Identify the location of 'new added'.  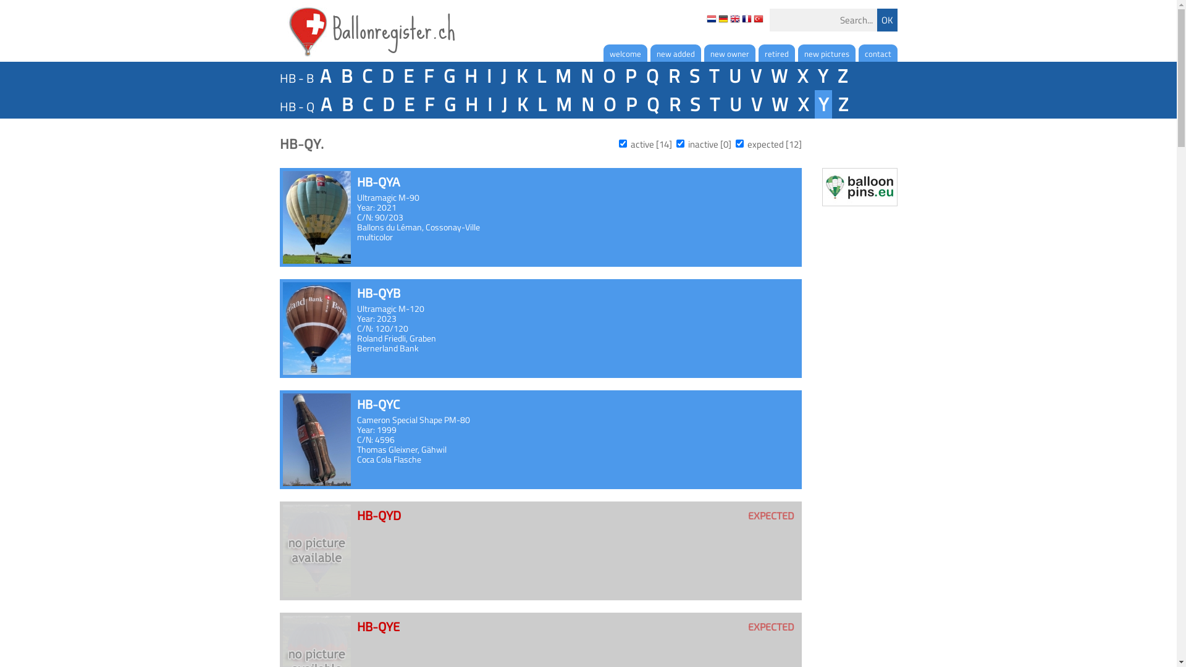
(675, 52).